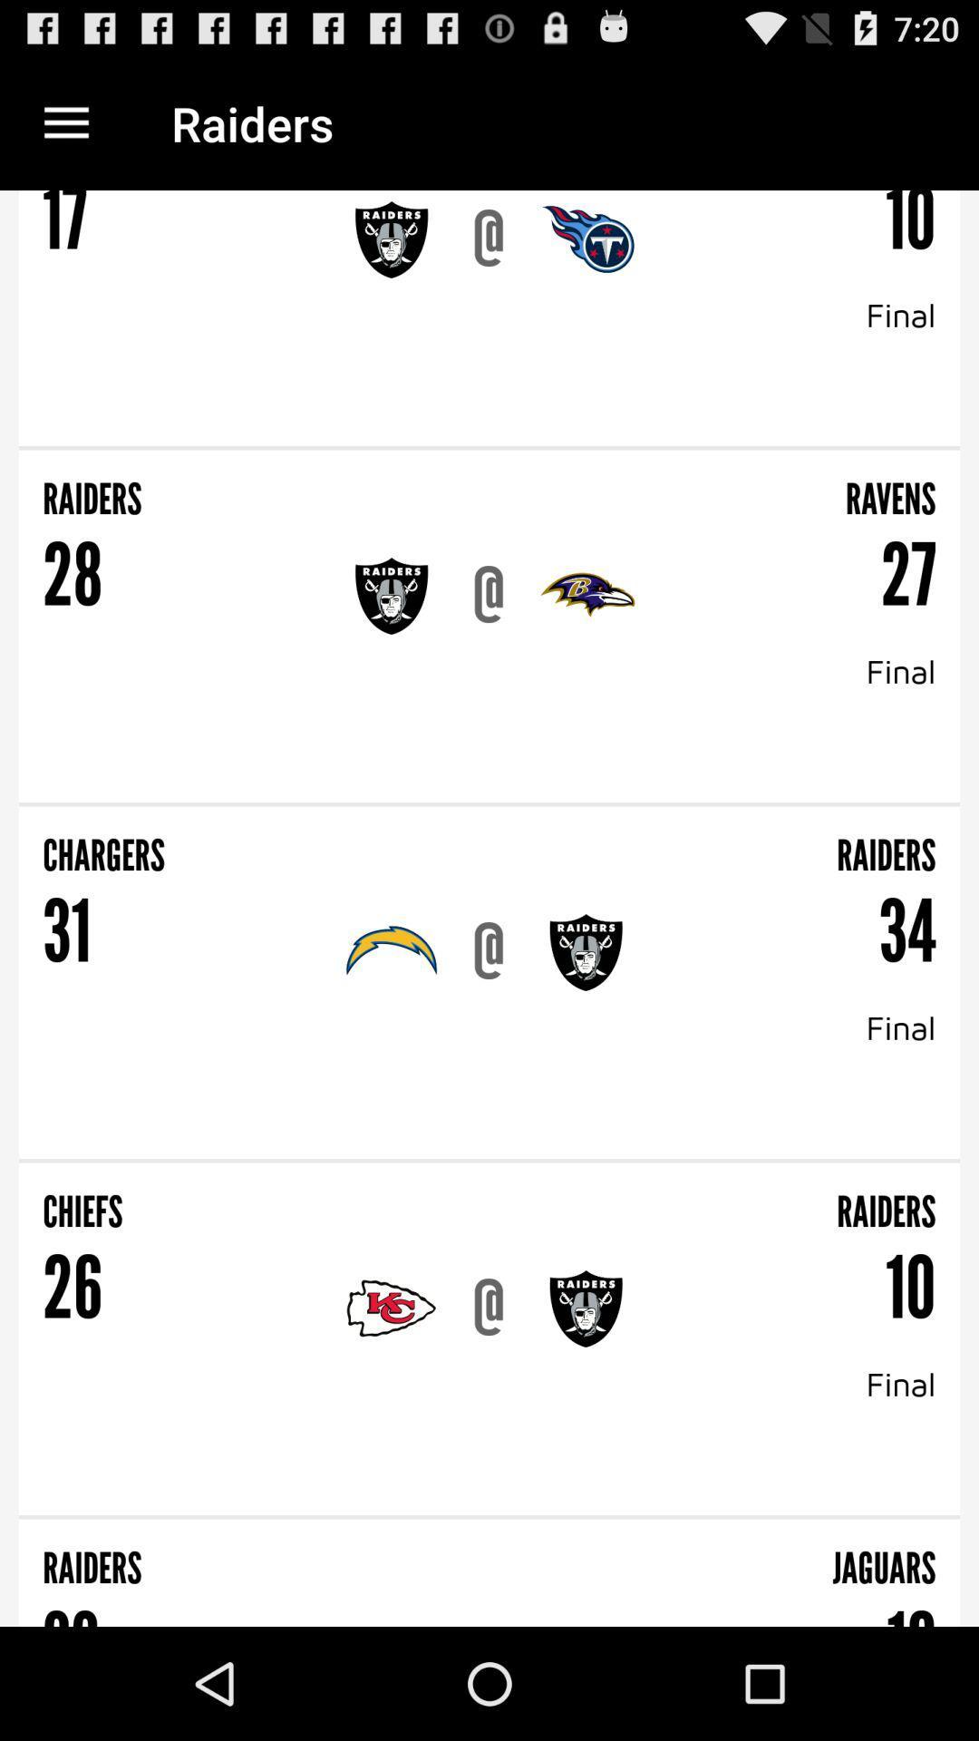 Image resolution: width=979 pixels, height=1741 pixels. Describe the element at coordinates (907, 932) in the screenshot. I see `the 34` at that location.